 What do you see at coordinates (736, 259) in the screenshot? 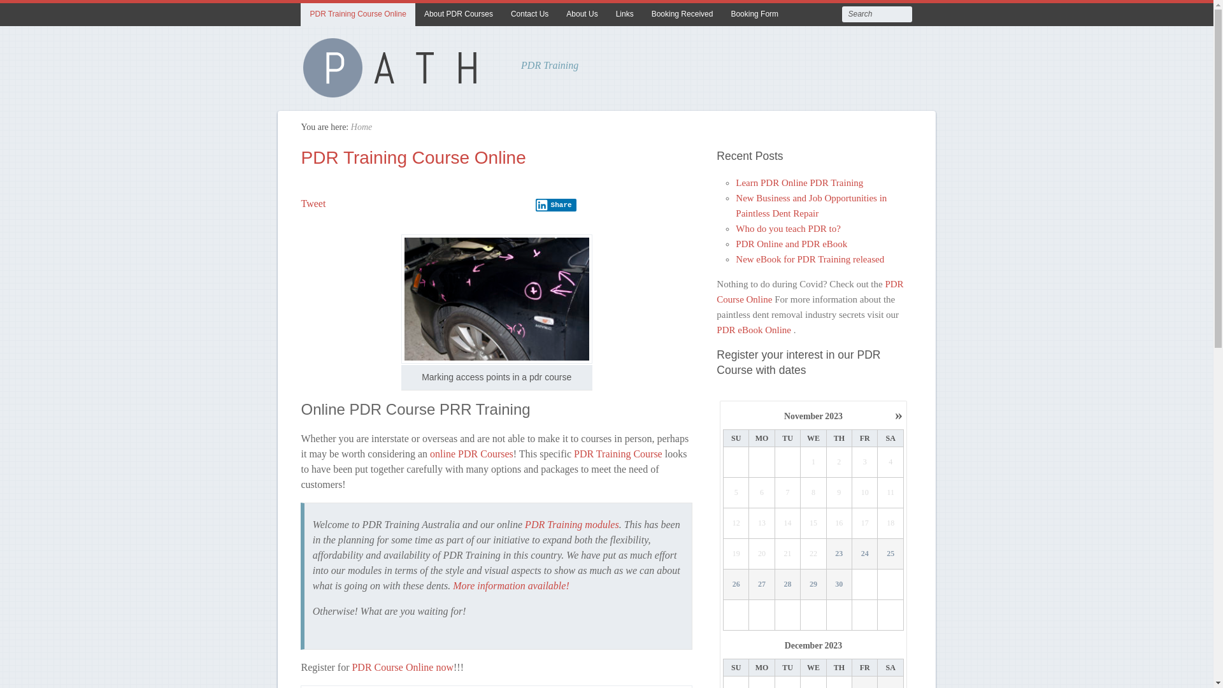
I see `'New eBook for PDR Training released'` at bounding box center [736, 259].